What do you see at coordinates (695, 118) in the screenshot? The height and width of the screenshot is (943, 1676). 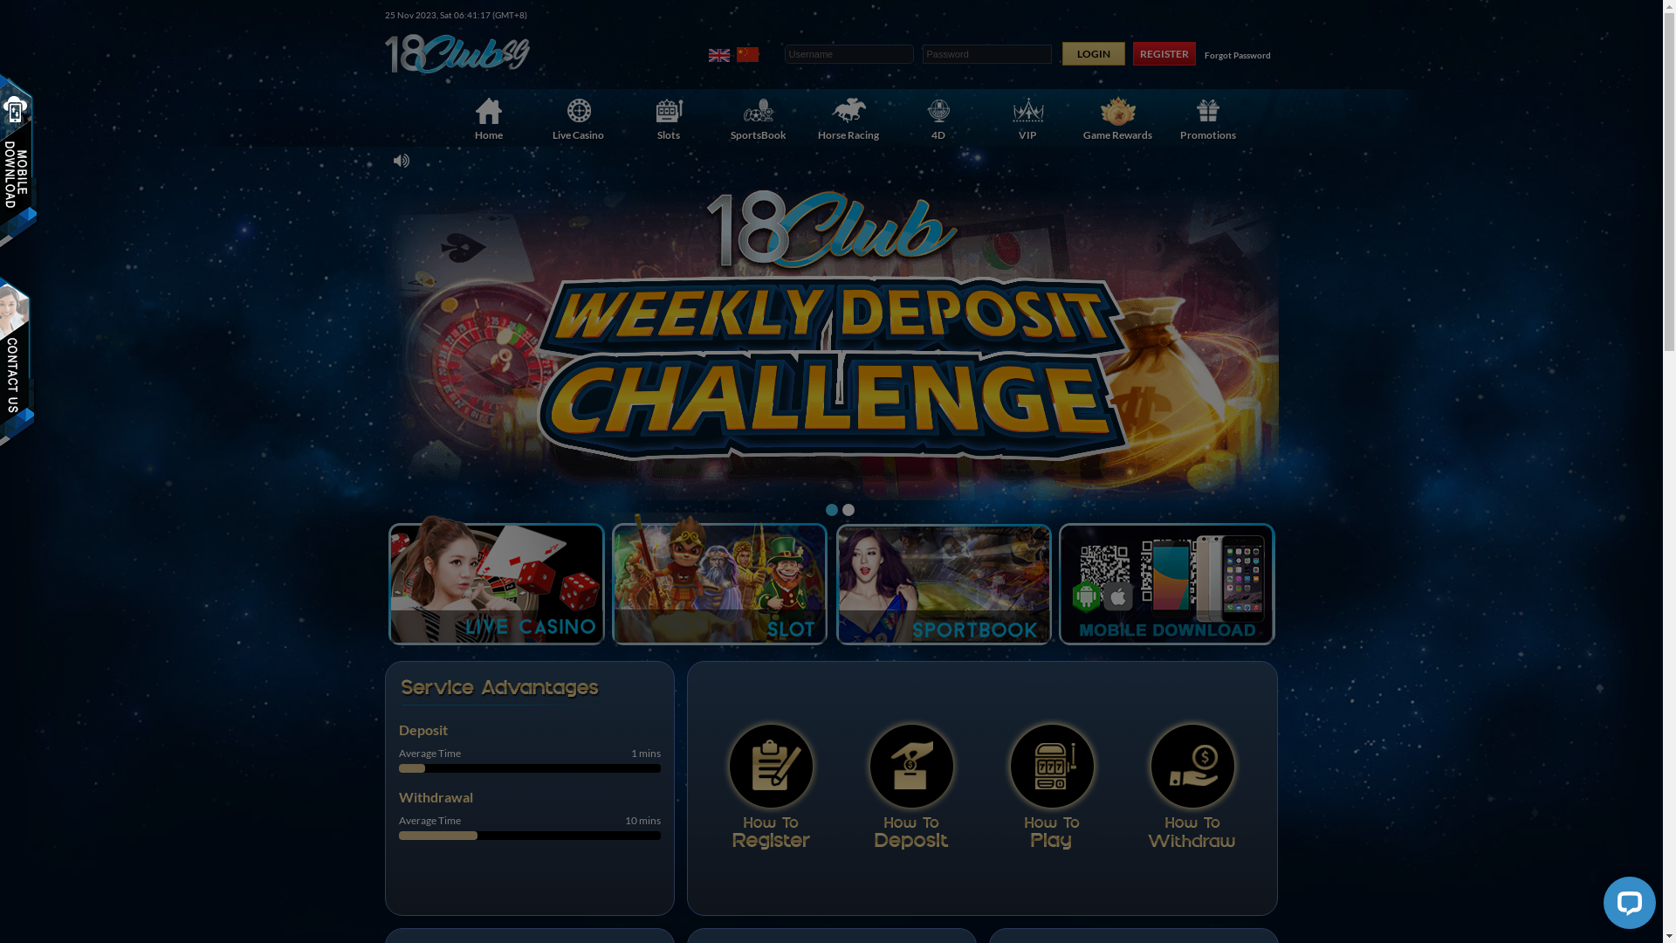 I see `'SportsBook'` at bounding box center [695, 118].